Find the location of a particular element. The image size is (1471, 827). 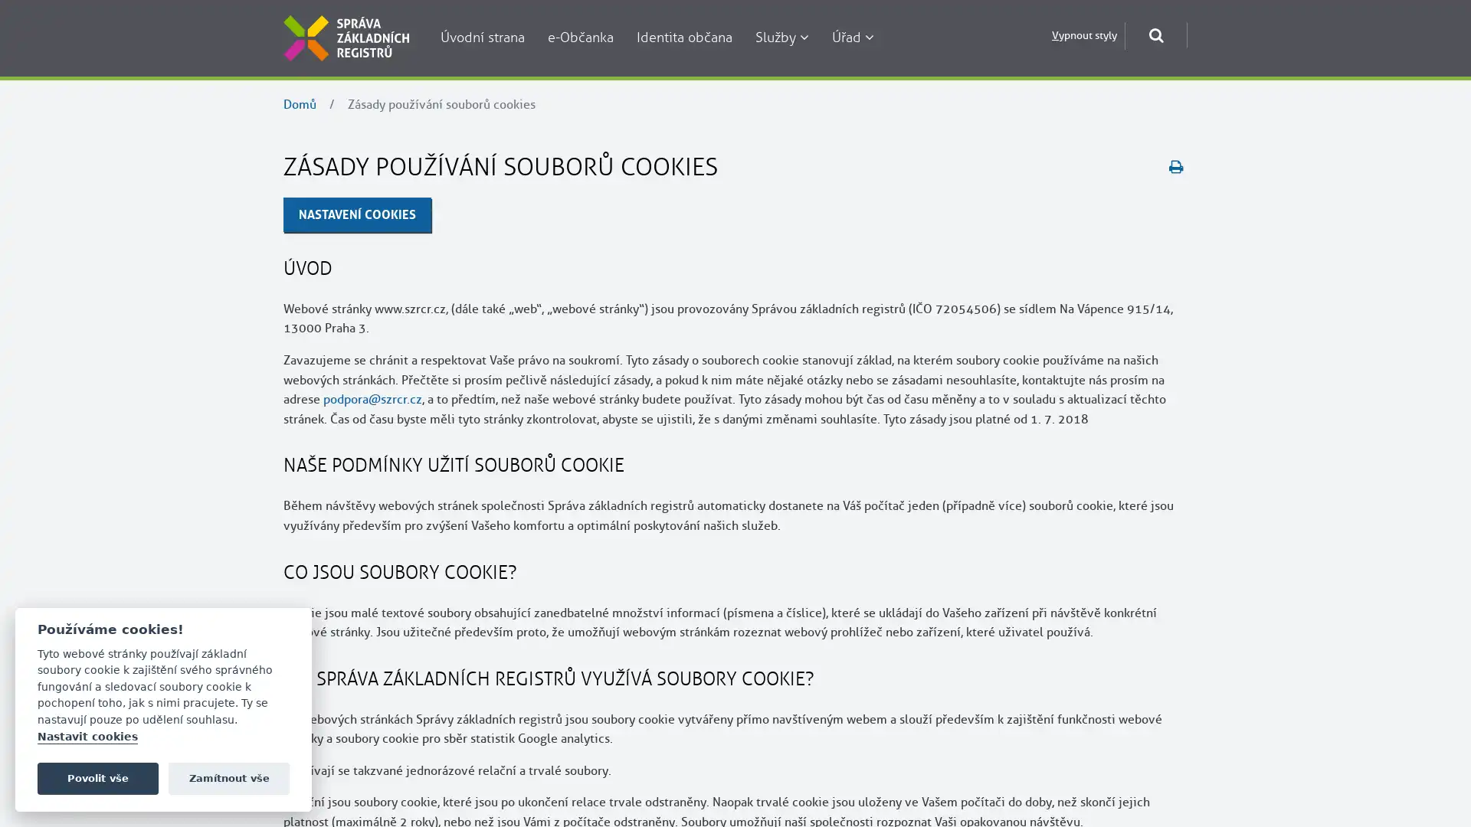

Zamitnout vse is located at coordinates (228, 777).